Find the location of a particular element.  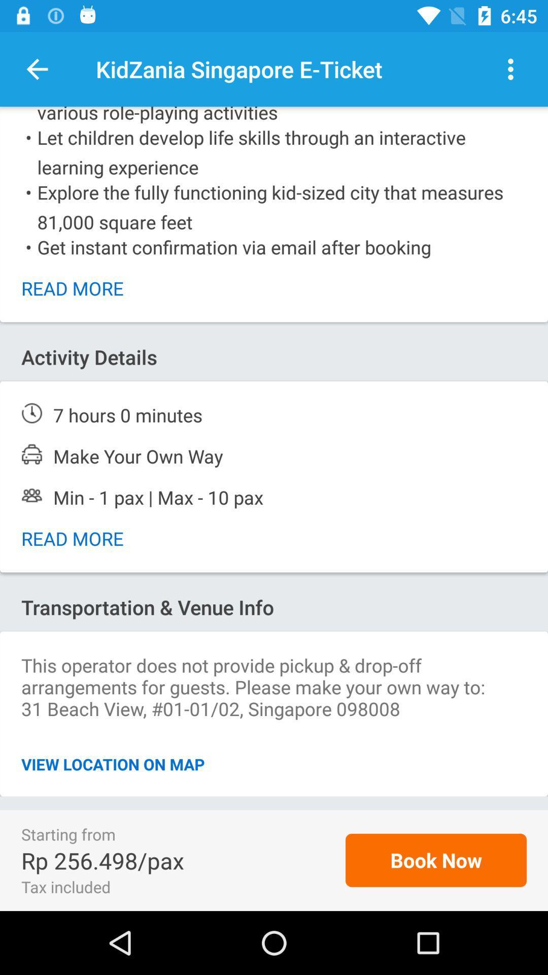

people logo is located at coordinates (31, 495).